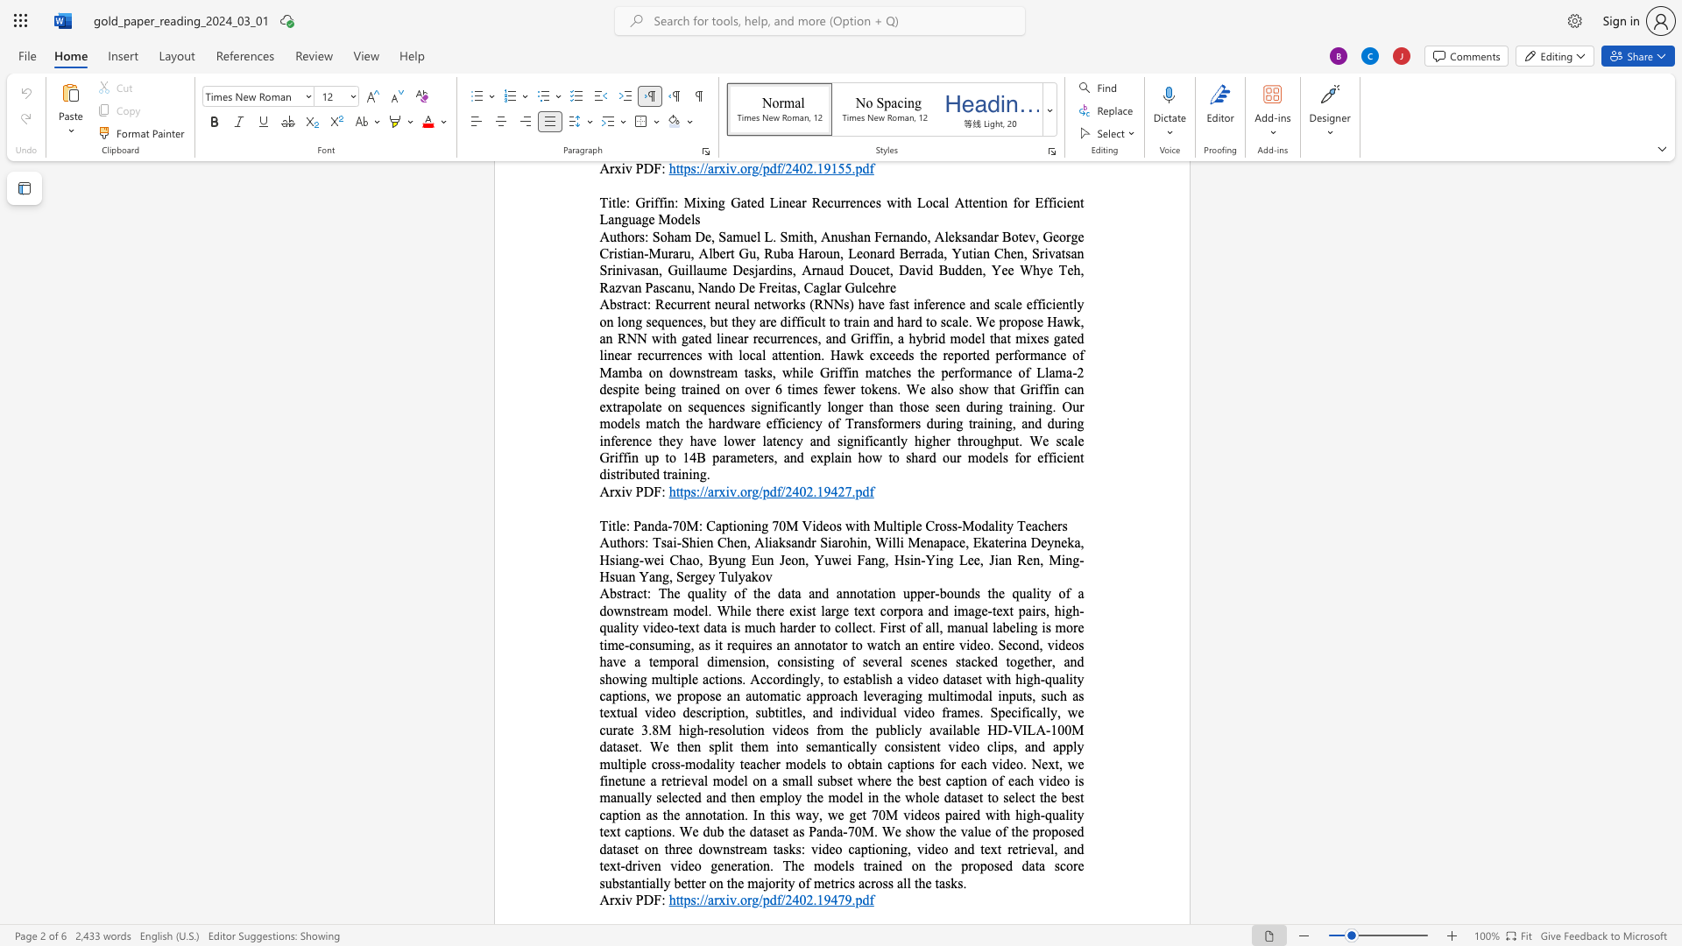 The height and width of the screenshot is (946, 1682). What do you see at coordinates (760, 900) in the screenshot?
I see `the 3th character "/" in the text` at bounding box center [760, 900].